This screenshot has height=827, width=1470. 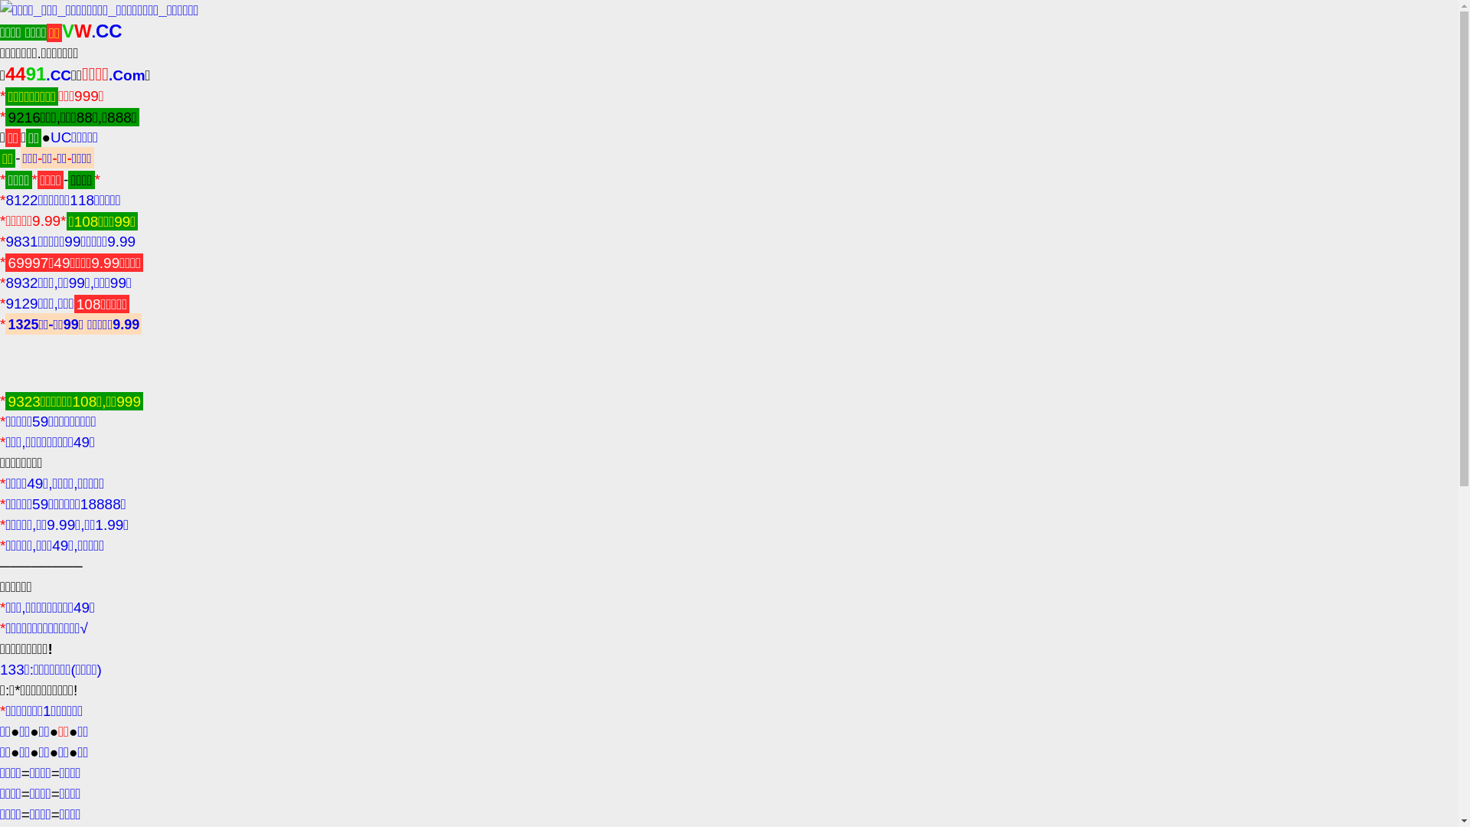 What do you see at coordinates (38, 75) in the screenshot?
I see `'4491.CC'` at bounding box center [38, 75].